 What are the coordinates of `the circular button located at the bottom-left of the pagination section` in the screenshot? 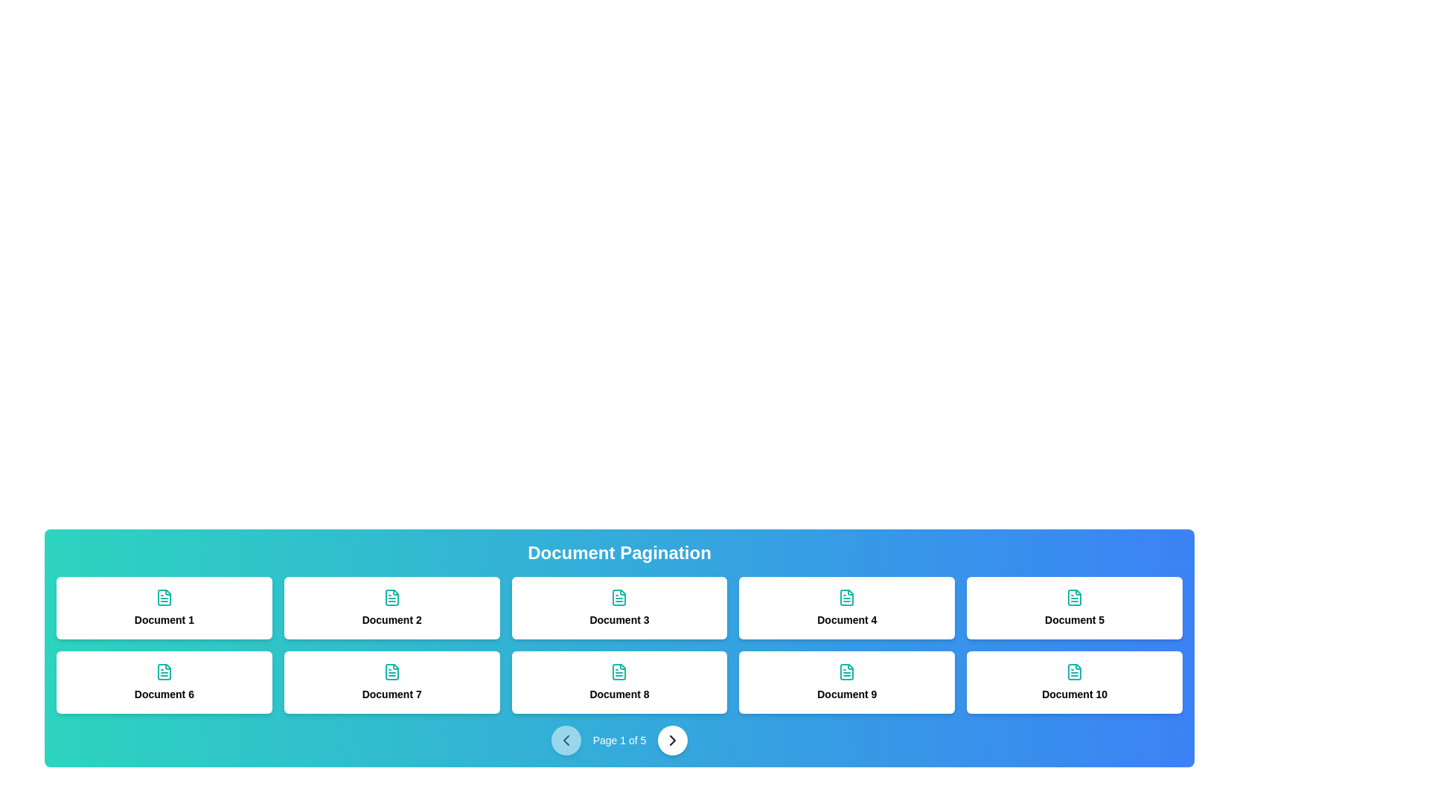 It's located at (565, 740).